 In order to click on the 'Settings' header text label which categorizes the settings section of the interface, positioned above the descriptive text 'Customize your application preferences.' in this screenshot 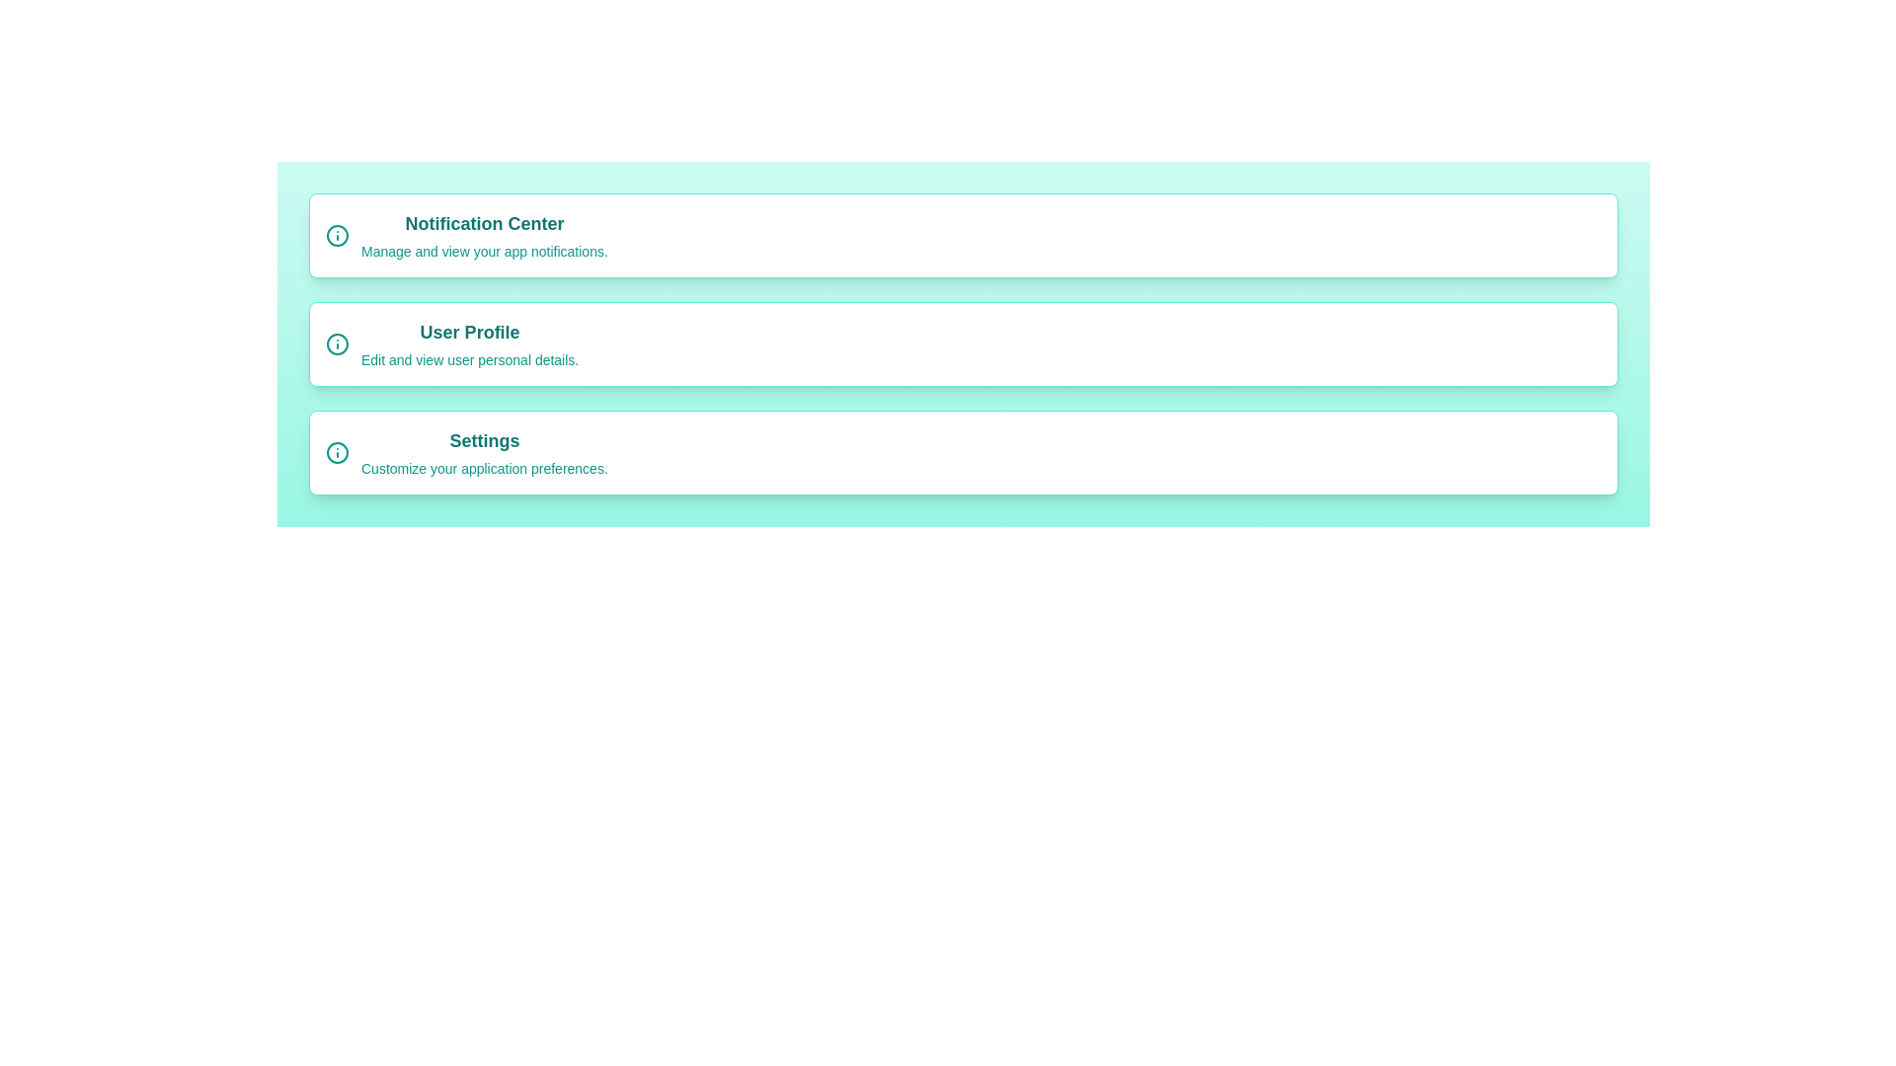, I will do `click(484, 440)`.